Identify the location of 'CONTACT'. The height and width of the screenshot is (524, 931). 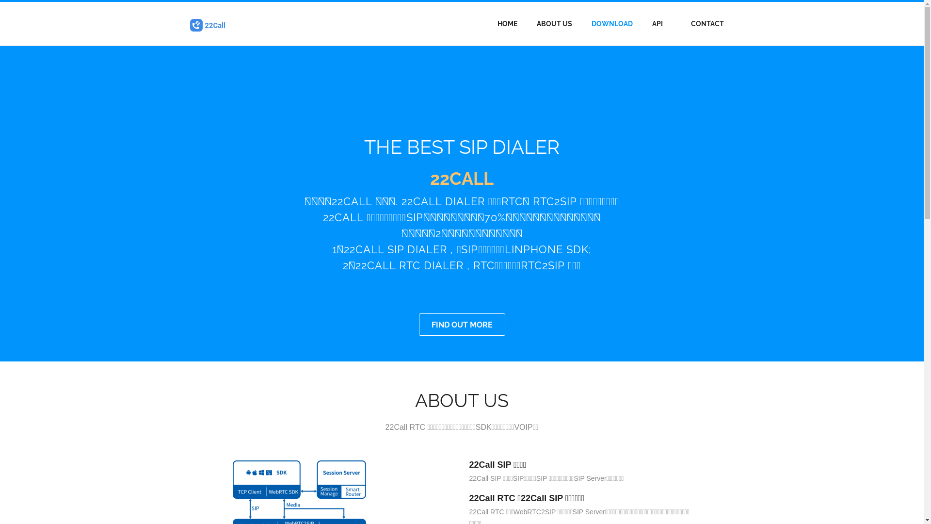
(707, 23).